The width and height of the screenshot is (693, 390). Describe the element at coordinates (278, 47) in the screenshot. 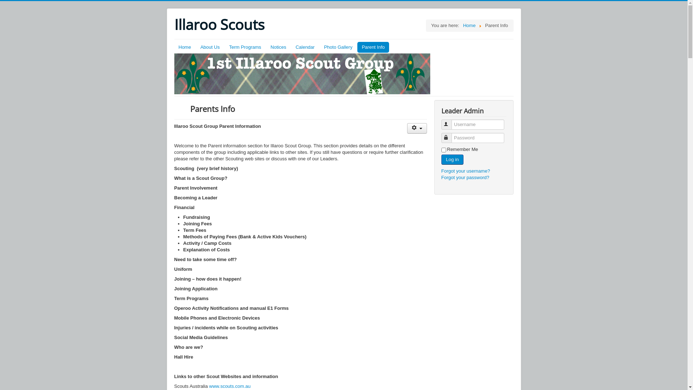

I see `'Notices'` at that location.